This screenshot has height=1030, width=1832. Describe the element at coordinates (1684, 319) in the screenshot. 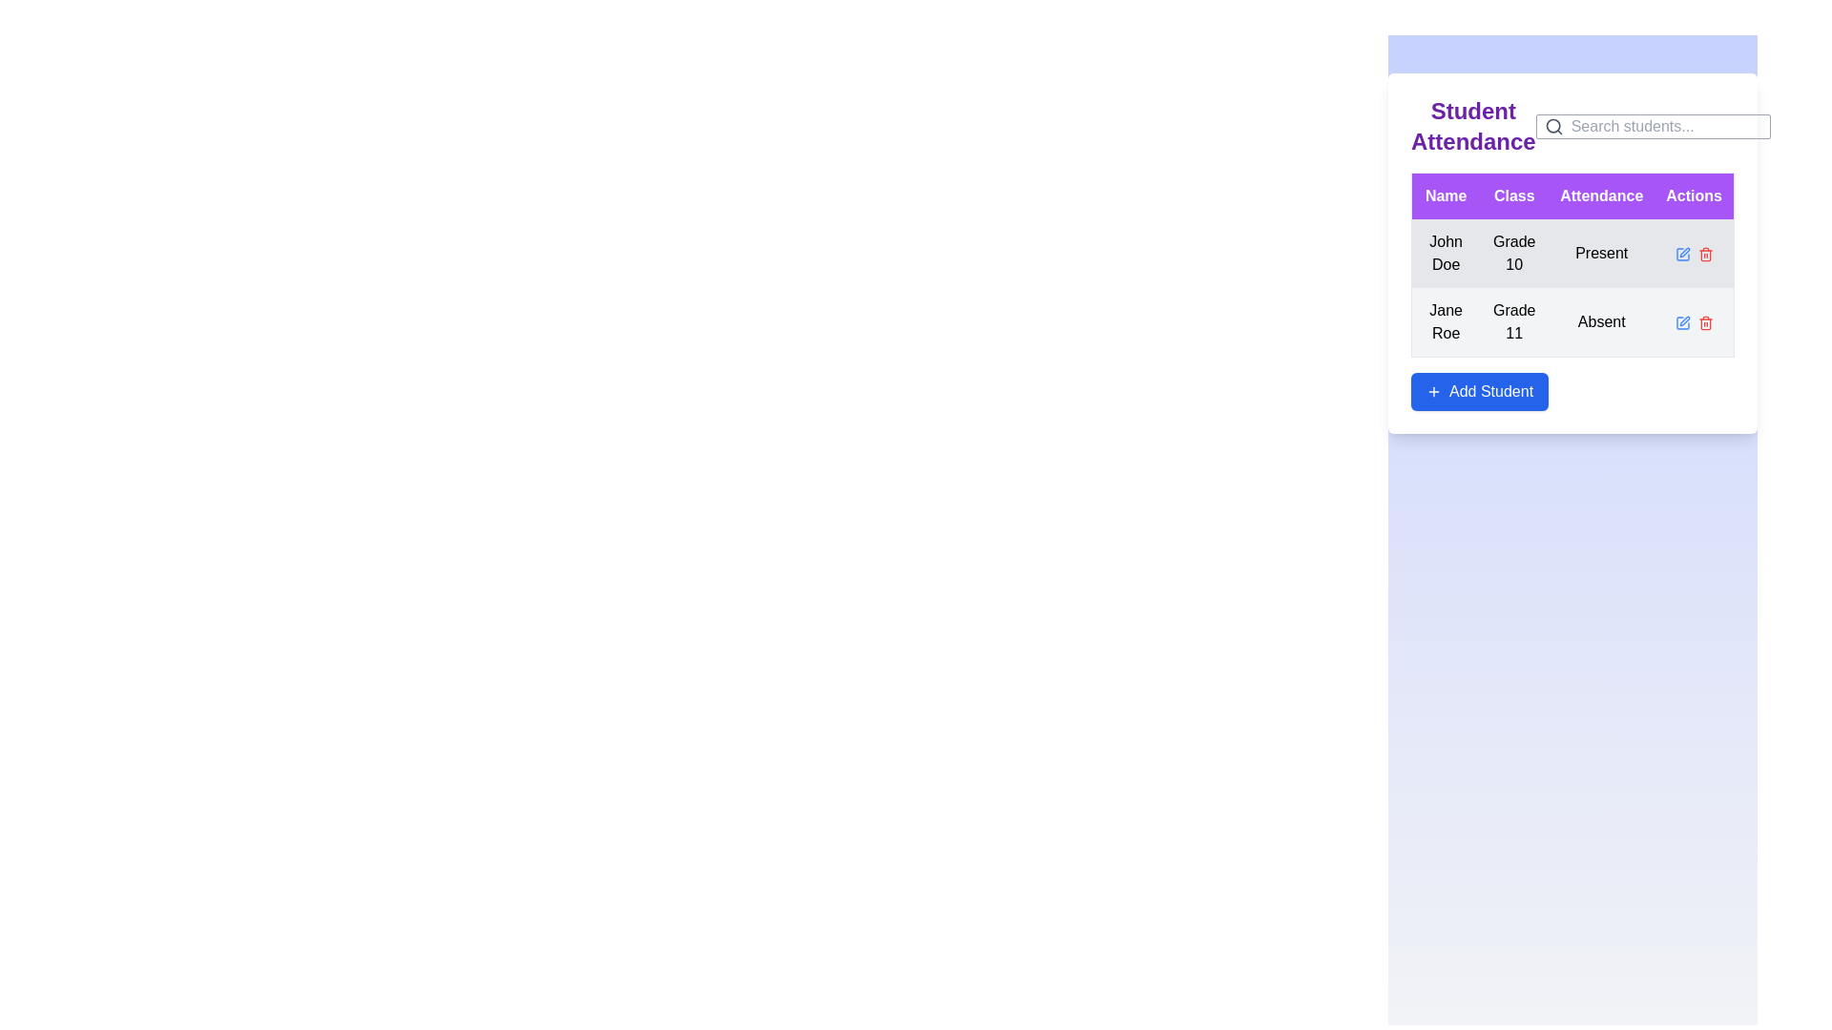

I see `the pen icon in the Actions column of the second row in the student attendance list for Jane Roe` at that location.